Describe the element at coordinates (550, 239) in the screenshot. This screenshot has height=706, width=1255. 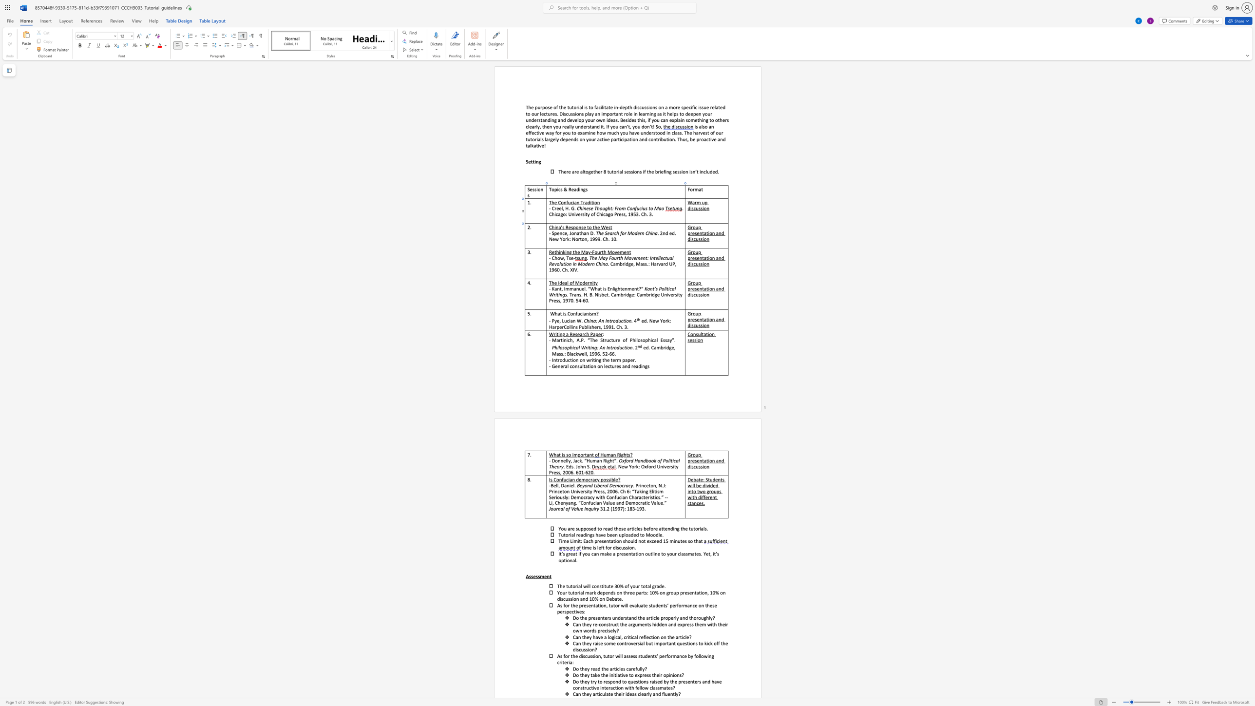
I see `the 1th character "N" in the text` at that location.